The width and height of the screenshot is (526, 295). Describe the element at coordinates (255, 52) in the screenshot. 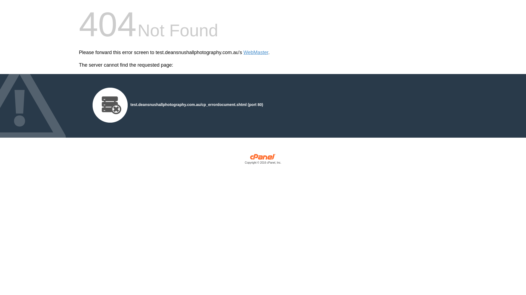

I see `'WebMaster'` at that location.